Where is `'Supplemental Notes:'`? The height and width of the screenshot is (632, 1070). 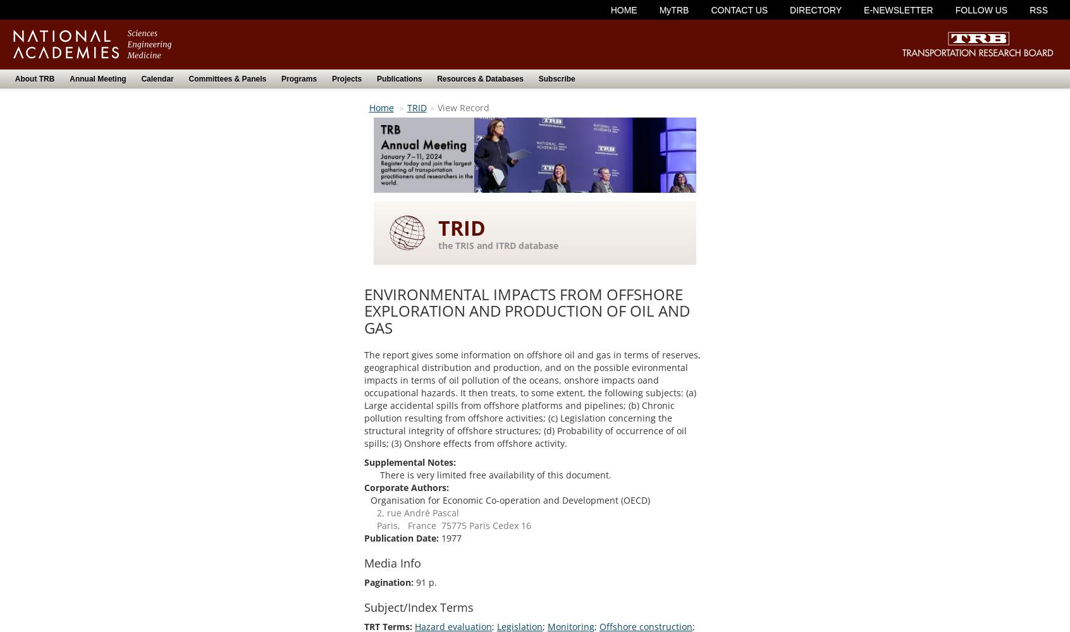
'Supplemental Notes:' is located at coordinates (410, 461).